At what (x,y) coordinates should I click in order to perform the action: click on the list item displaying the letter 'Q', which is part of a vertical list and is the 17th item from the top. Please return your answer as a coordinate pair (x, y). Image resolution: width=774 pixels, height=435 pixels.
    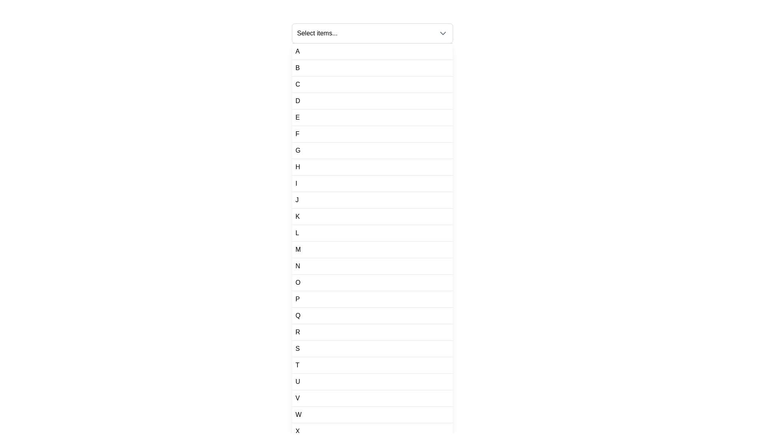
    Looking at the image, I should click on (372, 315).